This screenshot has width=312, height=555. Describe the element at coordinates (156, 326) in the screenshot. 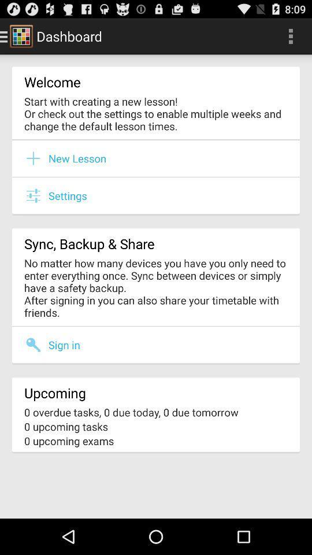

I see `the item below the no matter how item` at that location.